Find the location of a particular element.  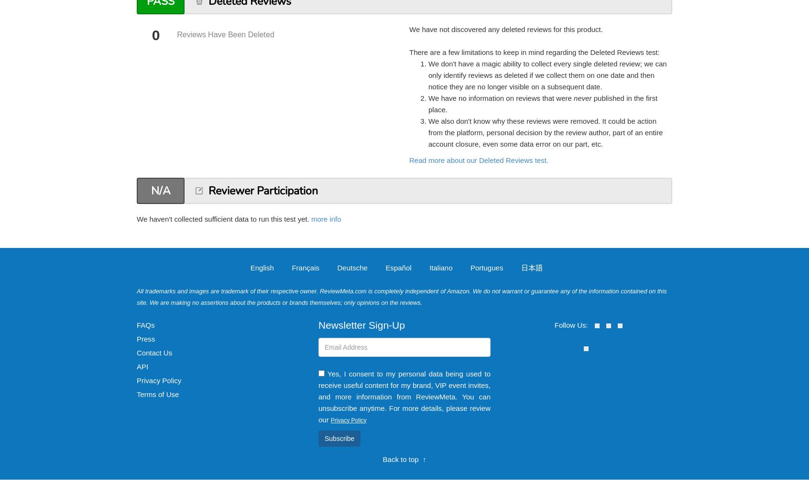

'never' is located at coordinates (582, 97).